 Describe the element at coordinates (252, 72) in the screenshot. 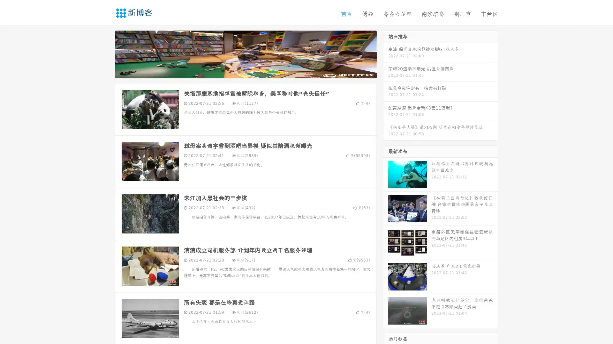

I see `Go to slide 3` at that location.